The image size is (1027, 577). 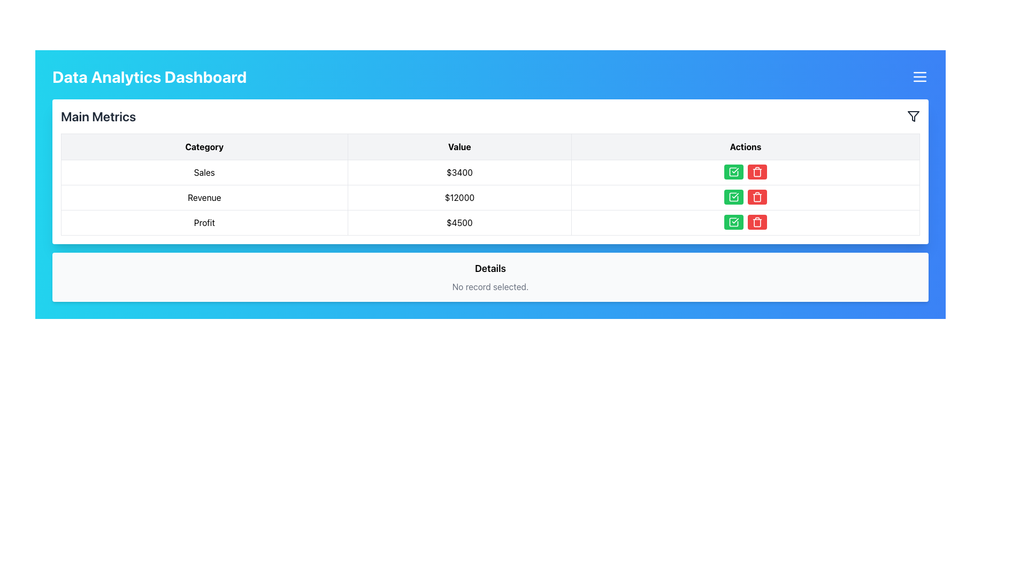 I want to click on the 'Revenue' text label in the second row and first column of the 'Main Metrics' section to categorize the revenue-related data entry, so click(x=204, y=198).